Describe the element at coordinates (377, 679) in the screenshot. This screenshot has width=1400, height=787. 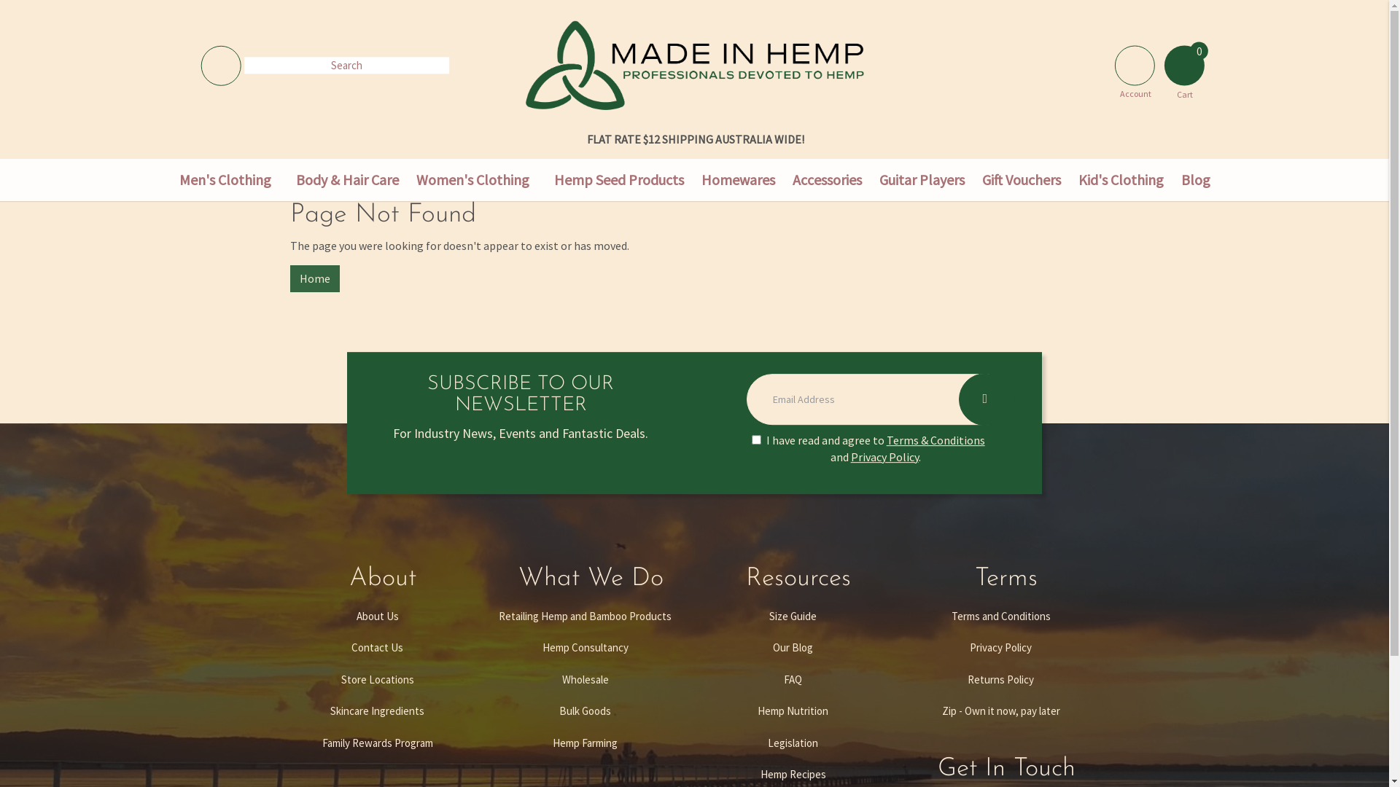
I see `'Store Locations'` at that location.